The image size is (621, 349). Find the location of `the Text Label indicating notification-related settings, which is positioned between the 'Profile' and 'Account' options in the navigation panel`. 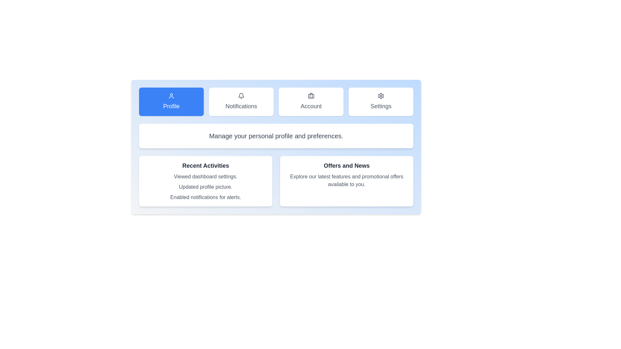

the Text Label indicating notification-related settings, which is positioned between the 'Profile' and 'Account' options in the navigation panel is located at coordinates (241, 106).